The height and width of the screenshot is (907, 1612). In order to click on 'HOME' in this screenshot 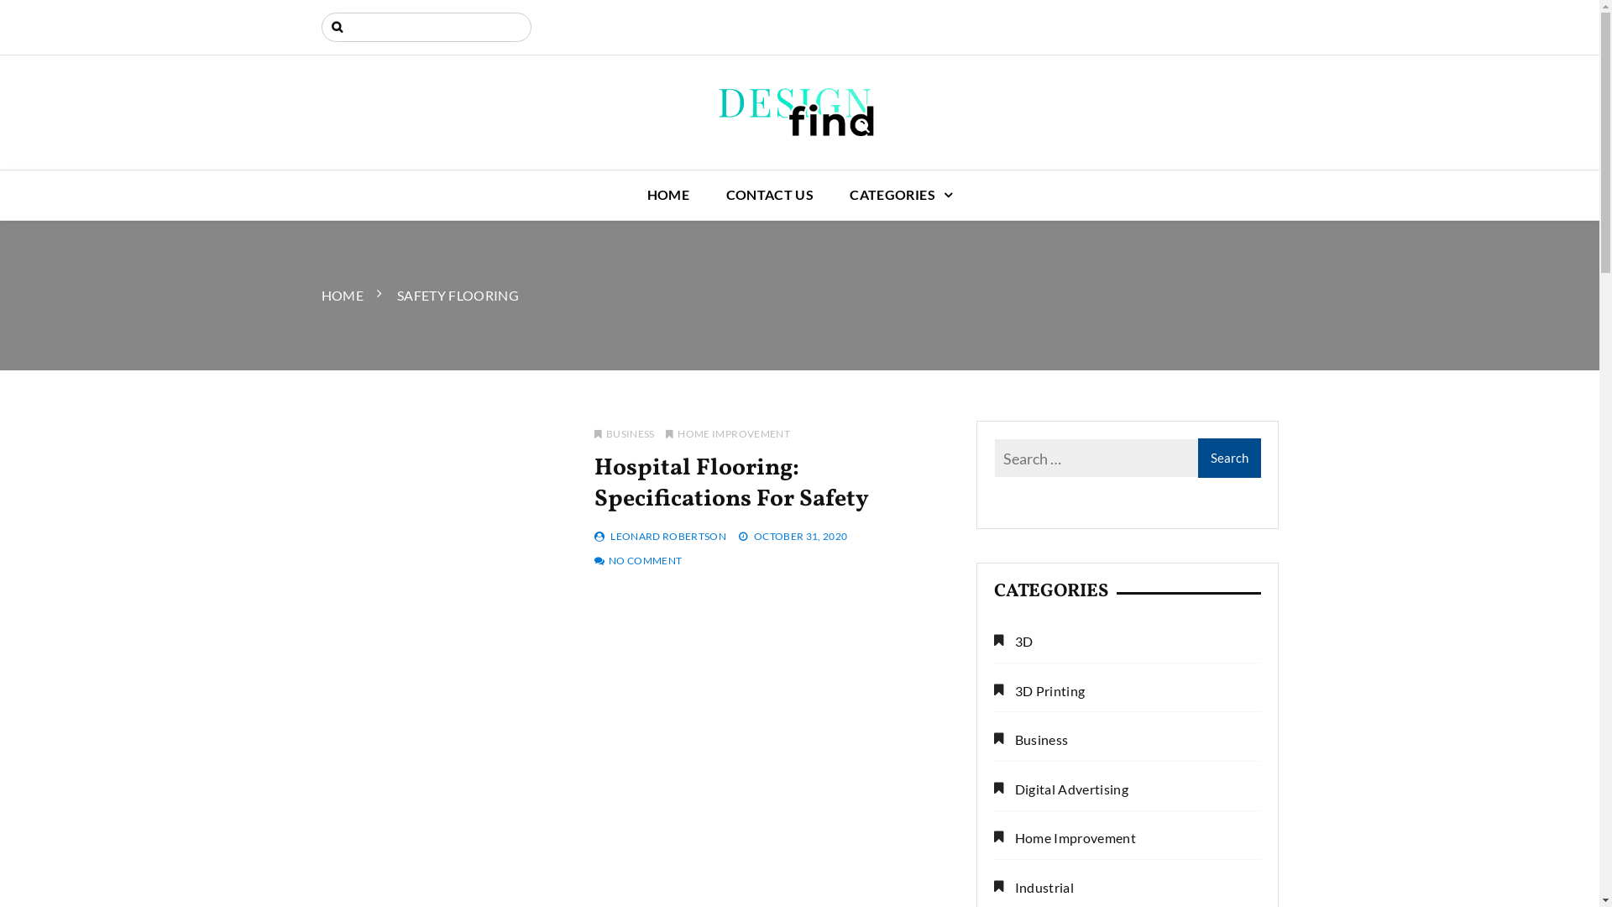, I will do `click(321, 294)`.